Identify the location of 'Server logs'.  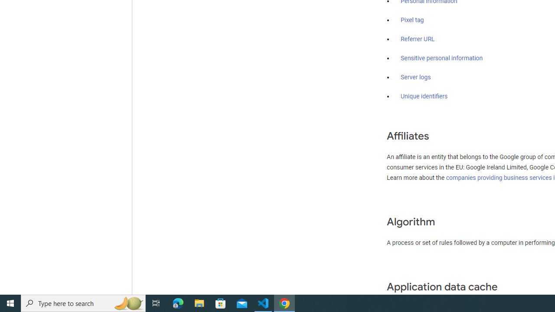
(415, 77).